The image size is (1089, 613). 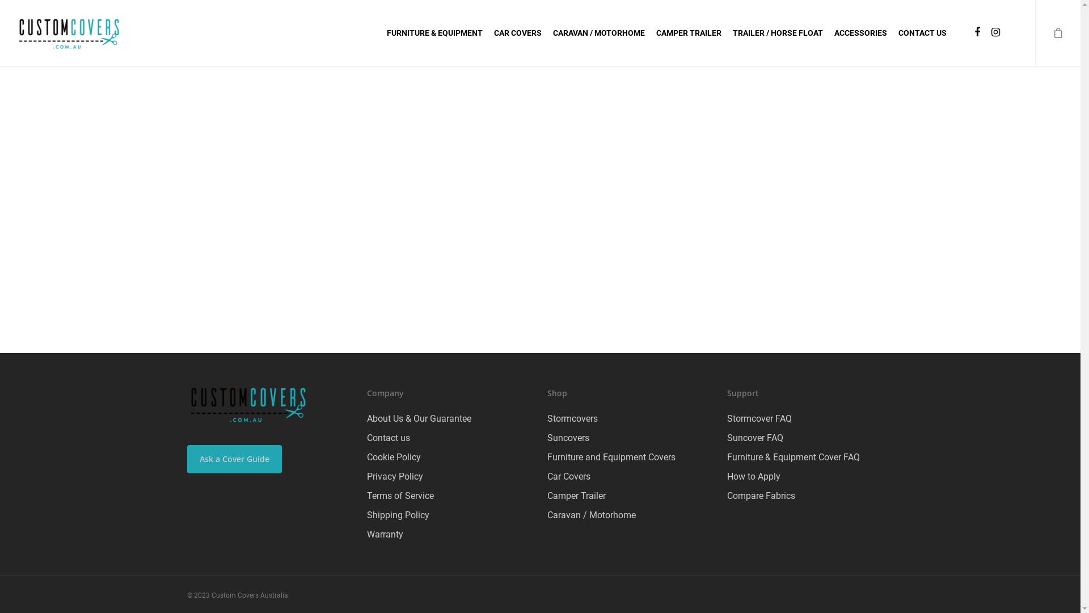 What do you see at coordinates (234, 459) in the screenshot?
I see `'Ask a Cover Guide'` at bounding box center [234, 459].